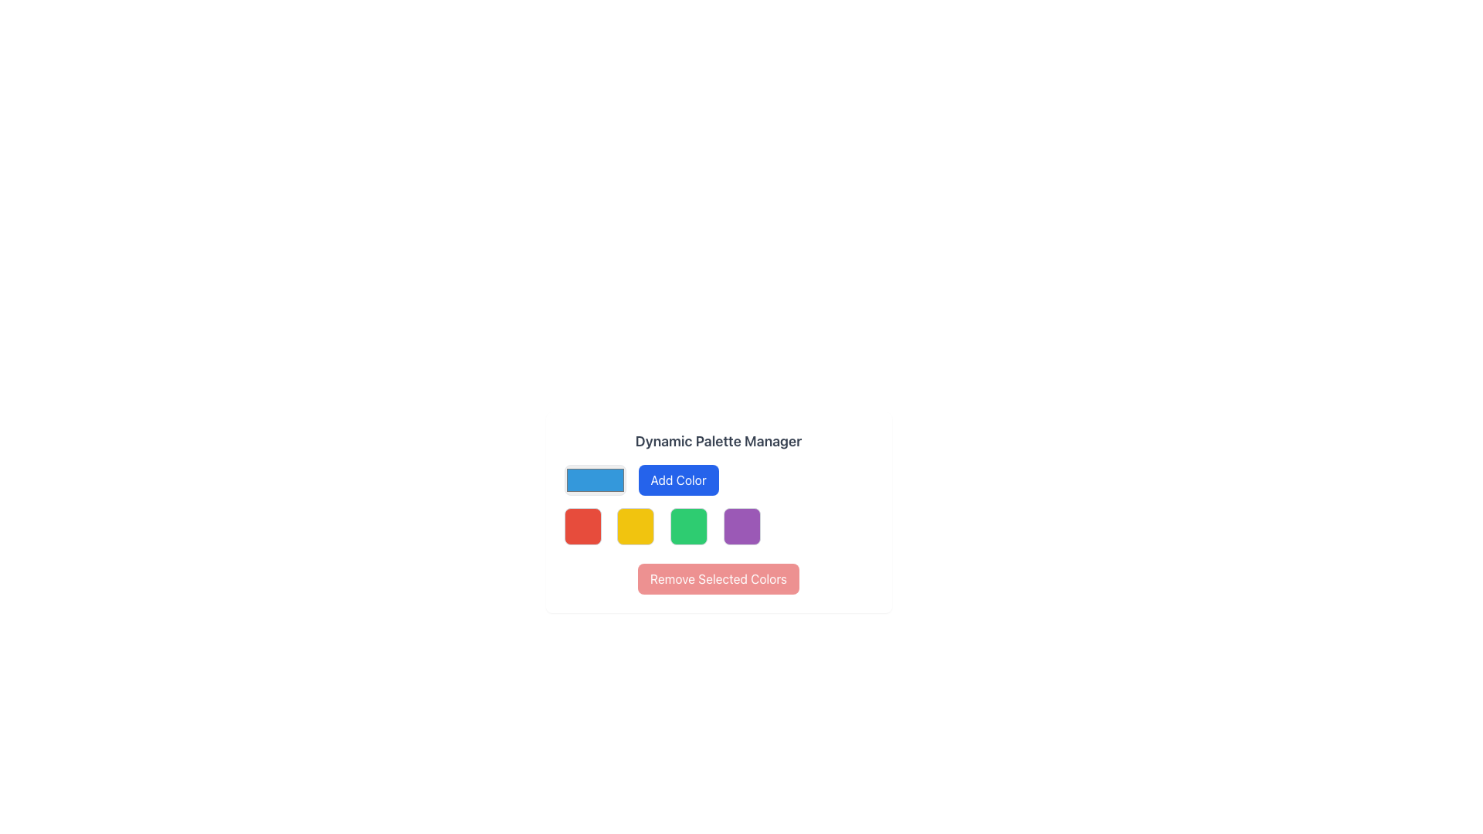 This screenshot has width=1483, height=834. Describe the element at coordinates (687, 526) in the screenshot. I see `the vibrant green colored box with rounded corners, located in the third position of a horizontal grid of four boxes` at that location.